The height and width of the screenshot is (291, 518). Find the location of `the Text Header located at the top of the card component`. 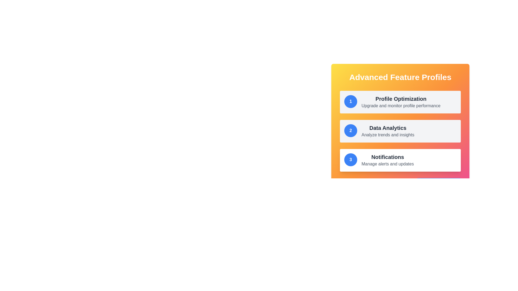

the Text Header located at the top of the card component is located at coordinates (400, 77).